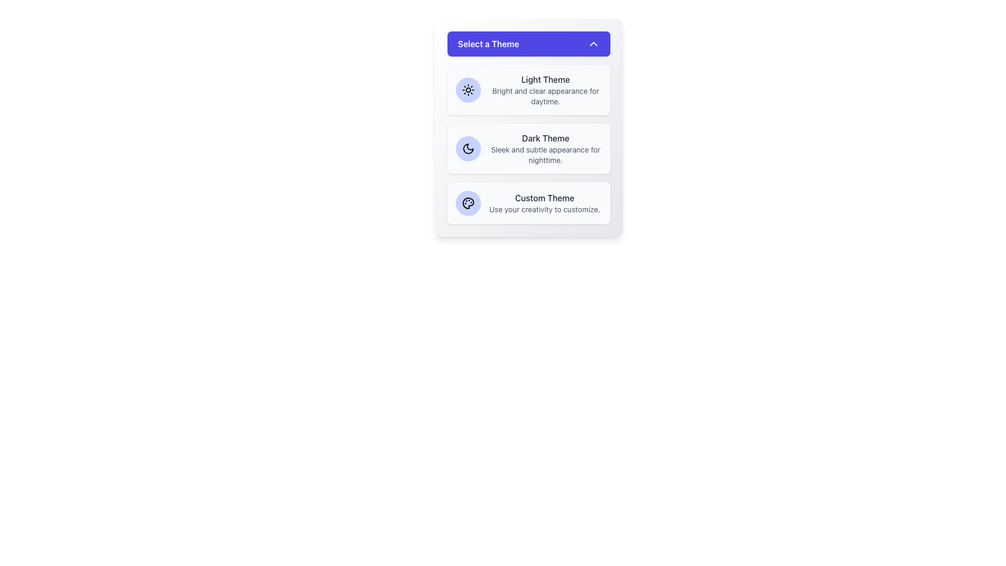 The width and height of the screenshot is (1006, 566). I want to click on the 'Light Theme' icon located at the top of the 'Select a Theme' list, which visually represents the light theme option, so click(467, 90).